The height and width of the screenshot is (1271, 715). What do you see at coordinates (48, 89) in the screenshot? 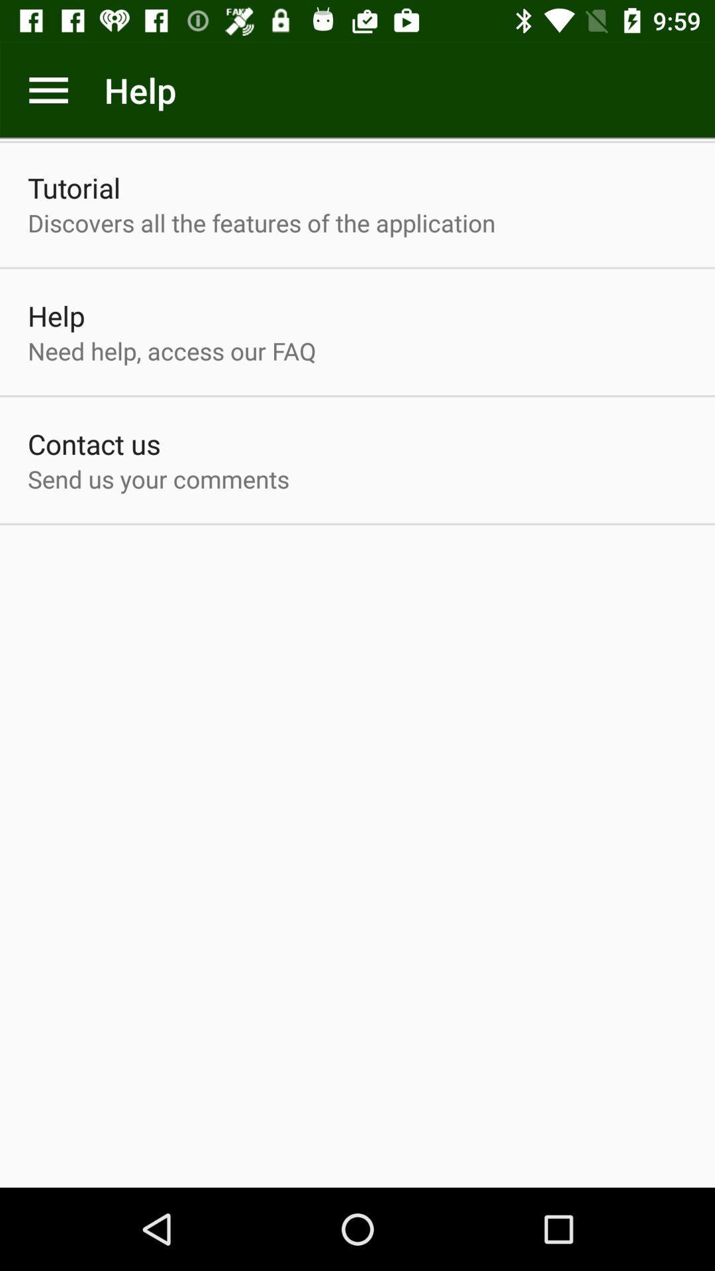
I see `menu button` at bounding box center [48, 89].